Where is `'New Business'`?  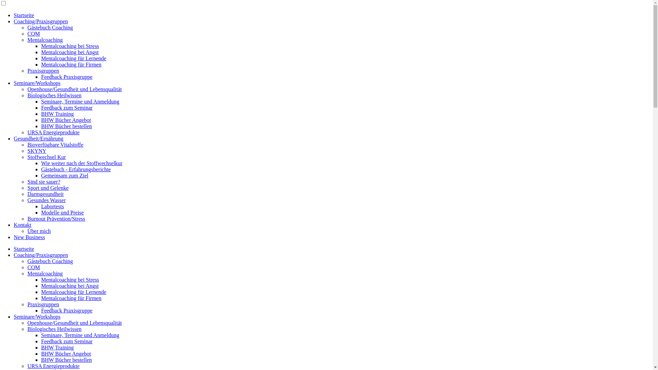
'New Business' is located at coordinates (29, 237).